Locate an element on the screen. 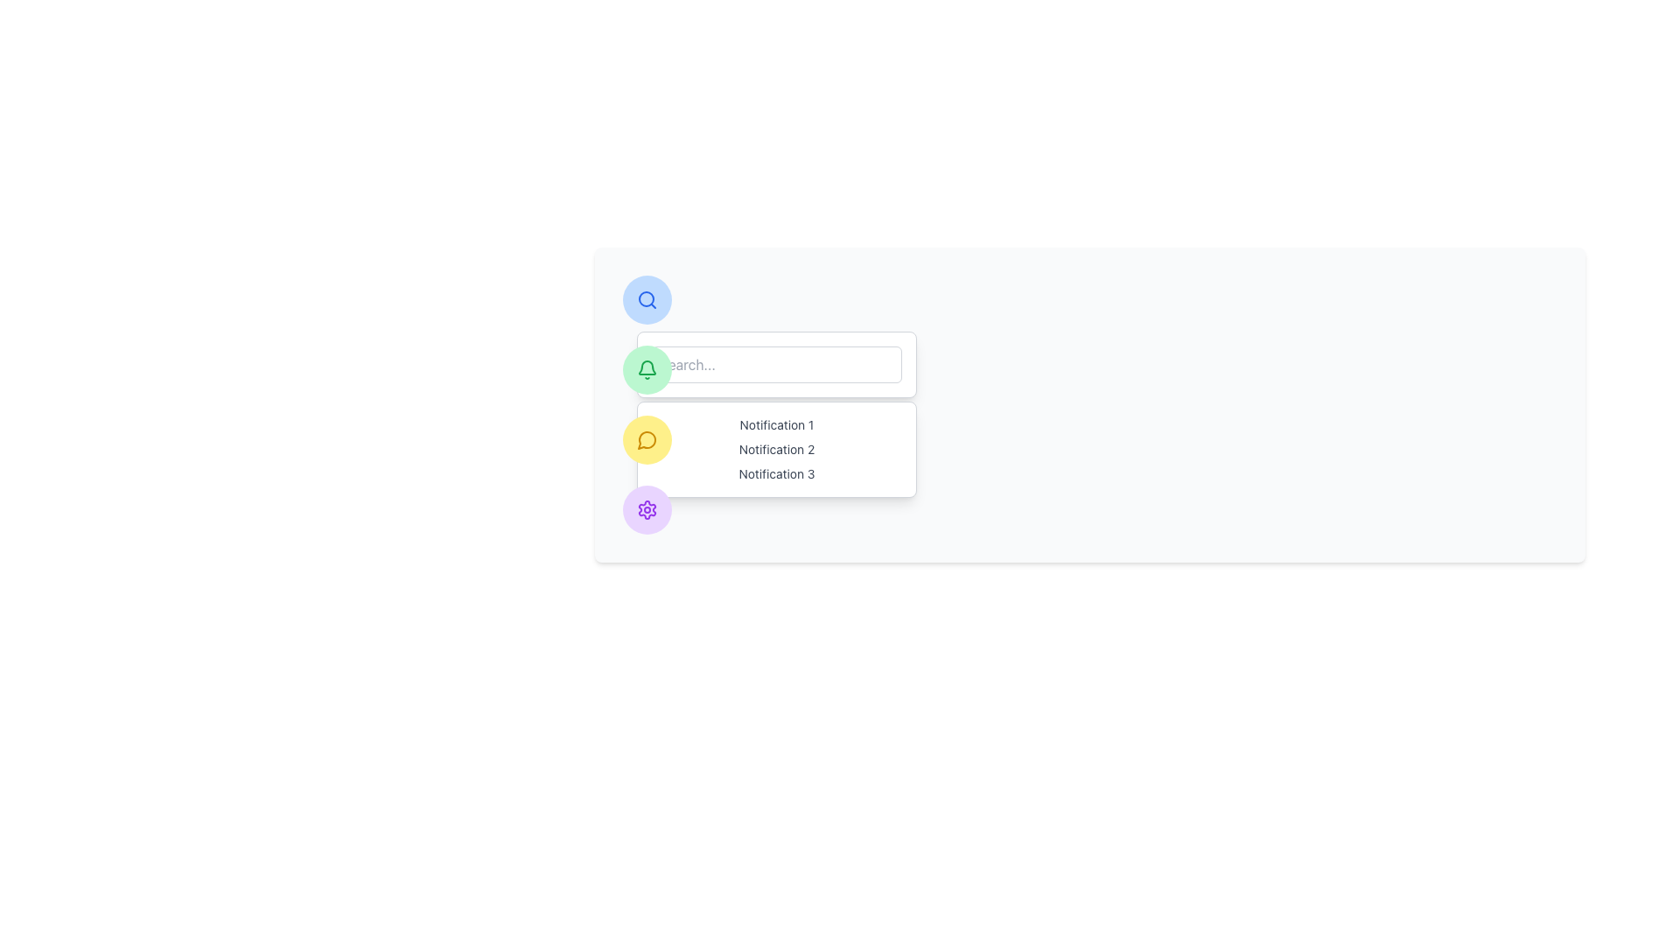  the search function icon located in a blue circular button at the top-left of the vertical stack of icons is located at coordinates (646, 299).